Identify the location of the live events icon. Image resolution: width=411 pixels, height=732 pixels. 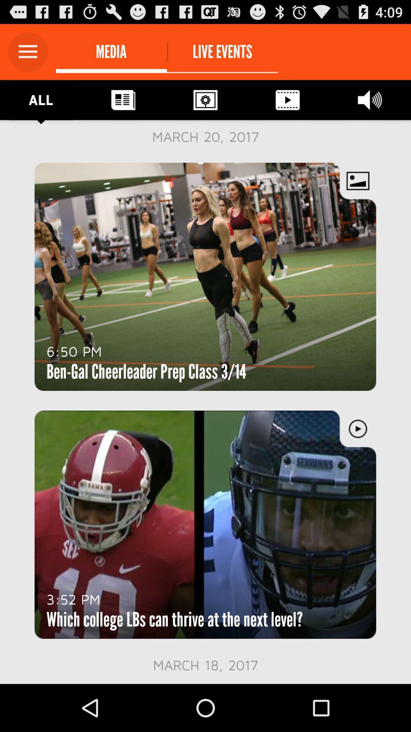
(222, 51).